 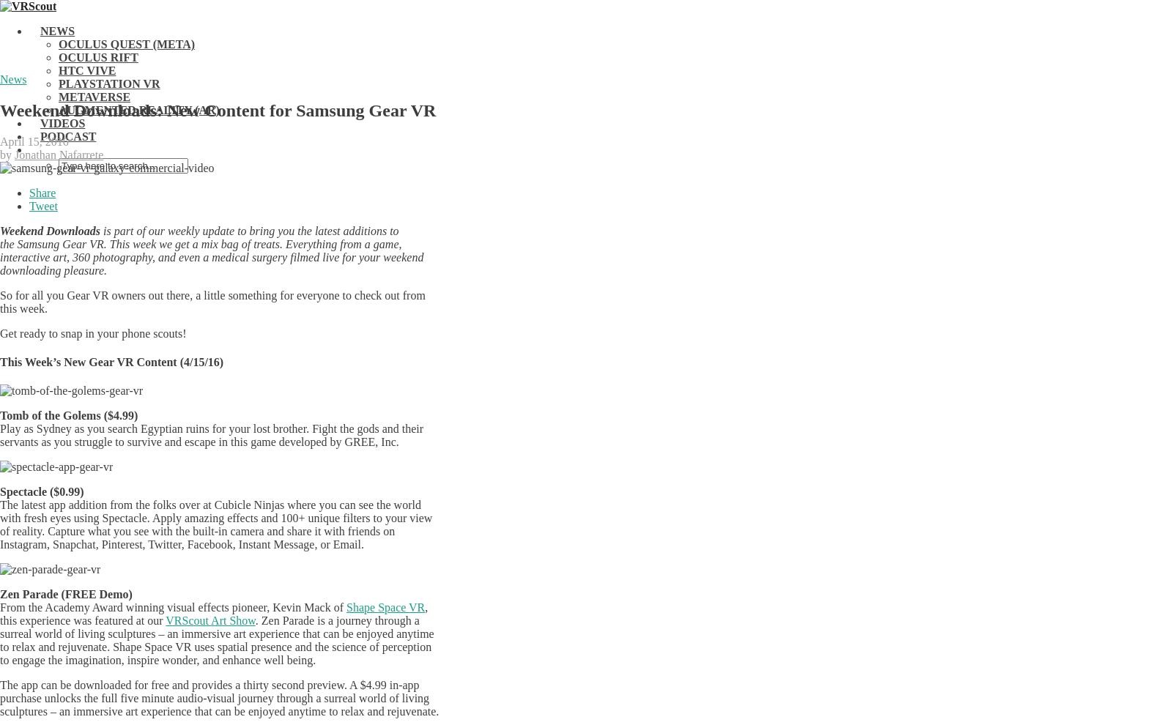 What do you see at coordinates (58, 70) in the screenshot?
I see `'HTC Vive'` at bounding box center [58, 70].